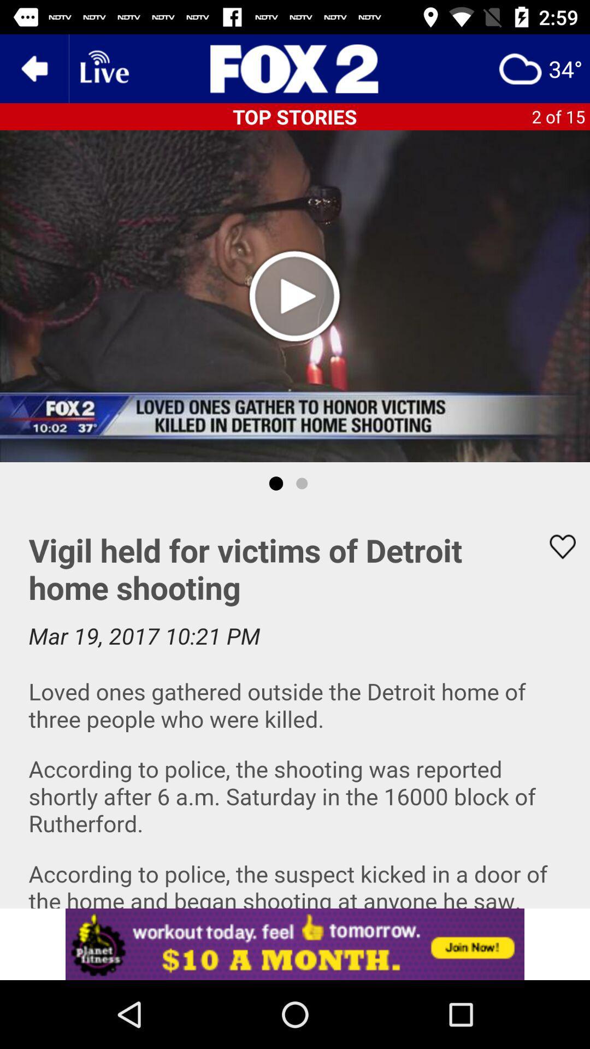 The image size is (590, 1049). Describe the element at coordinates (295, 944) in the screenshot. I see `this app install app` at that location.